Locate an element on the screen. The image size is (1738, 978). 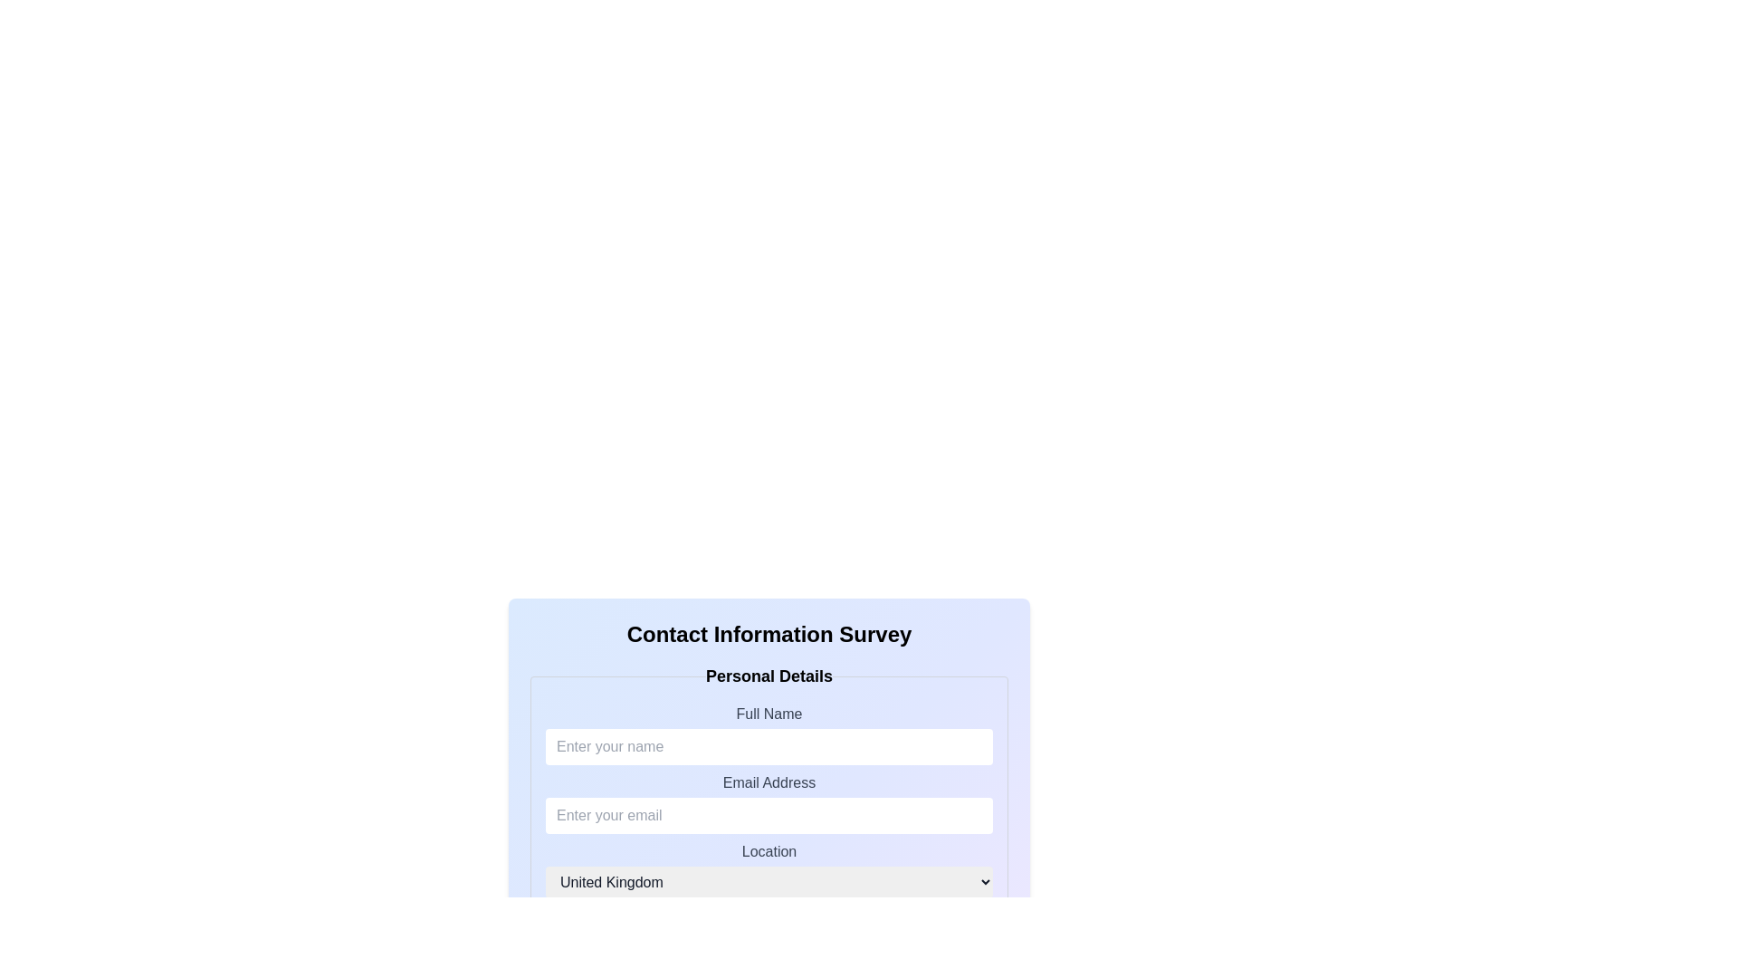
the text label displaying 'Location' which is styled with a gray font color and positioned above the 'United Kingdom' dropdown in the form section is located at coordinates (769, 851).